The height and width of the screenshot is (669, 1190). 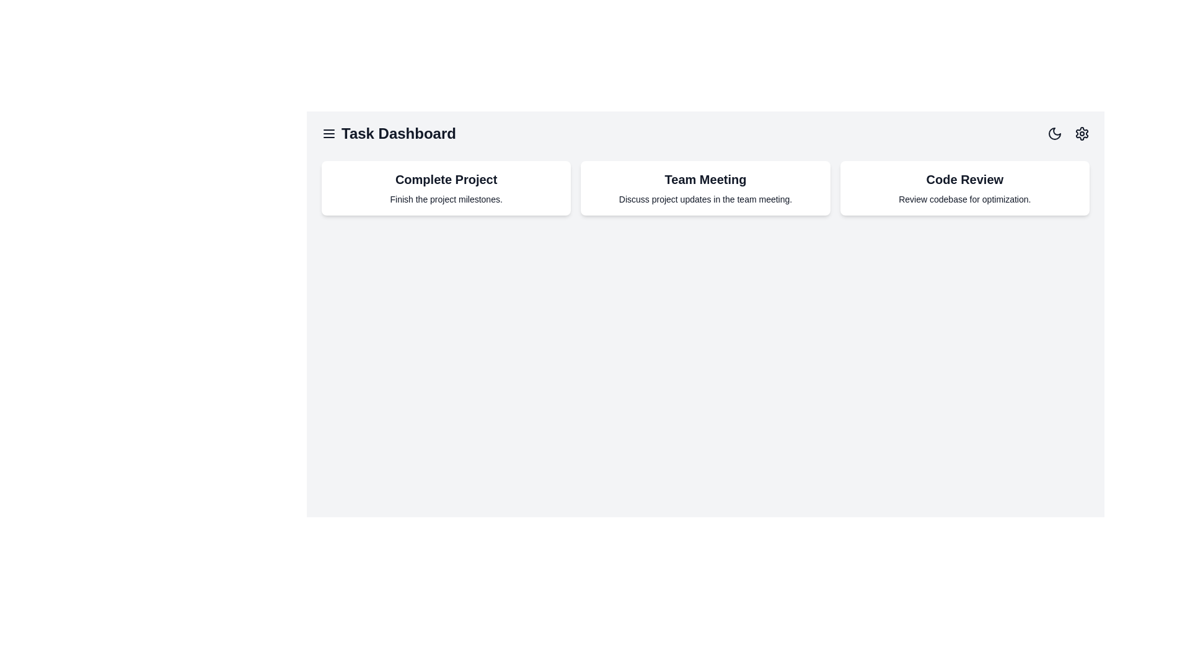 I want to click on the theme toggle icon located in the top-right corner of the interface to switch between light and dark themes, so click(x=1054, y=134).